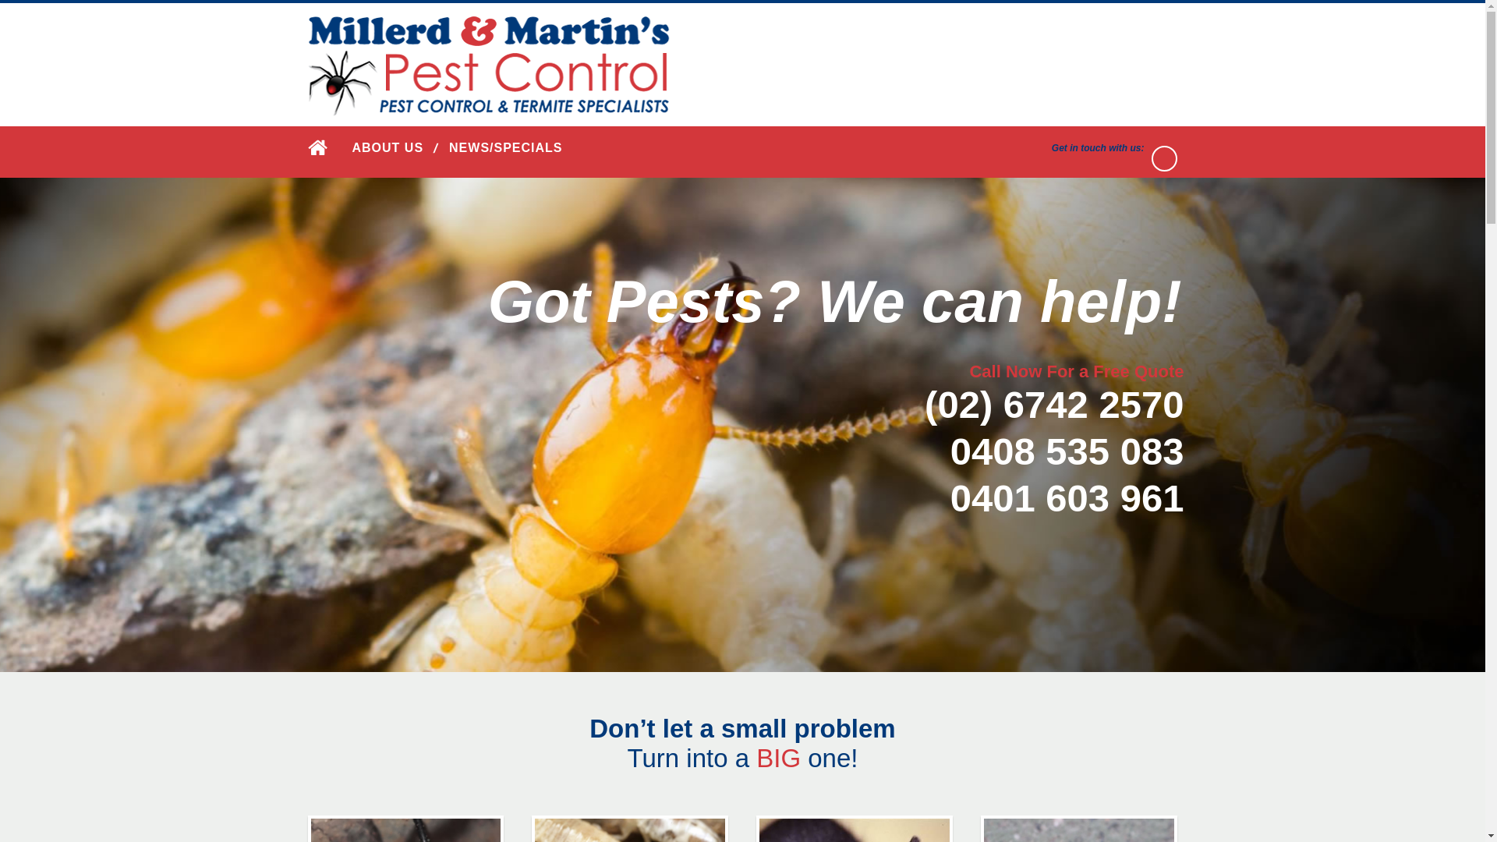  I want to click on 'NEWS/SPECIALS', so click(448, 147).